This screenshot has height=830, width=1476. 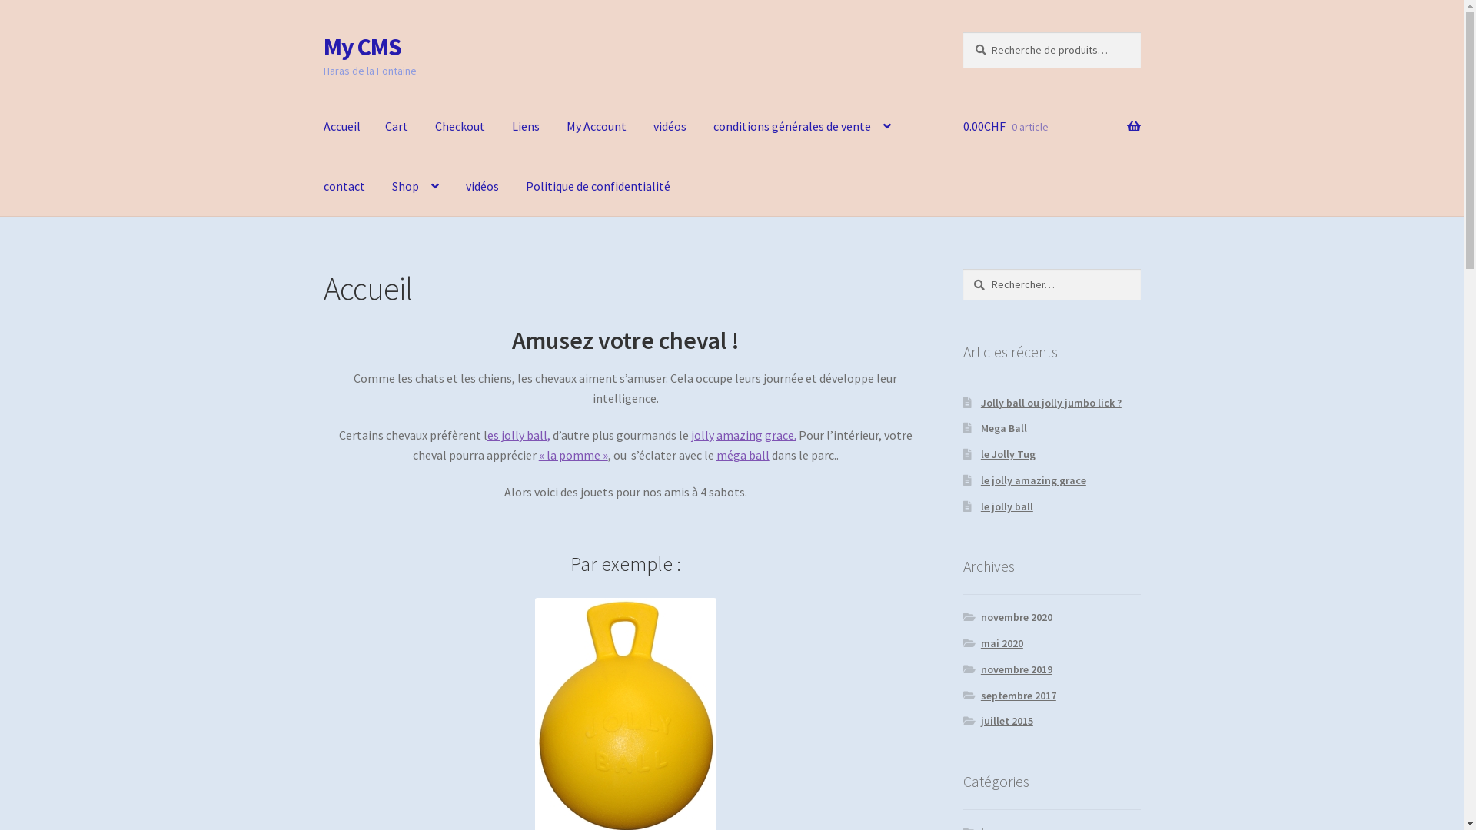 What do you see at coordinates (780, 435) in the screenshot?
I see `'grace.'` at bounding box center [780, 435].